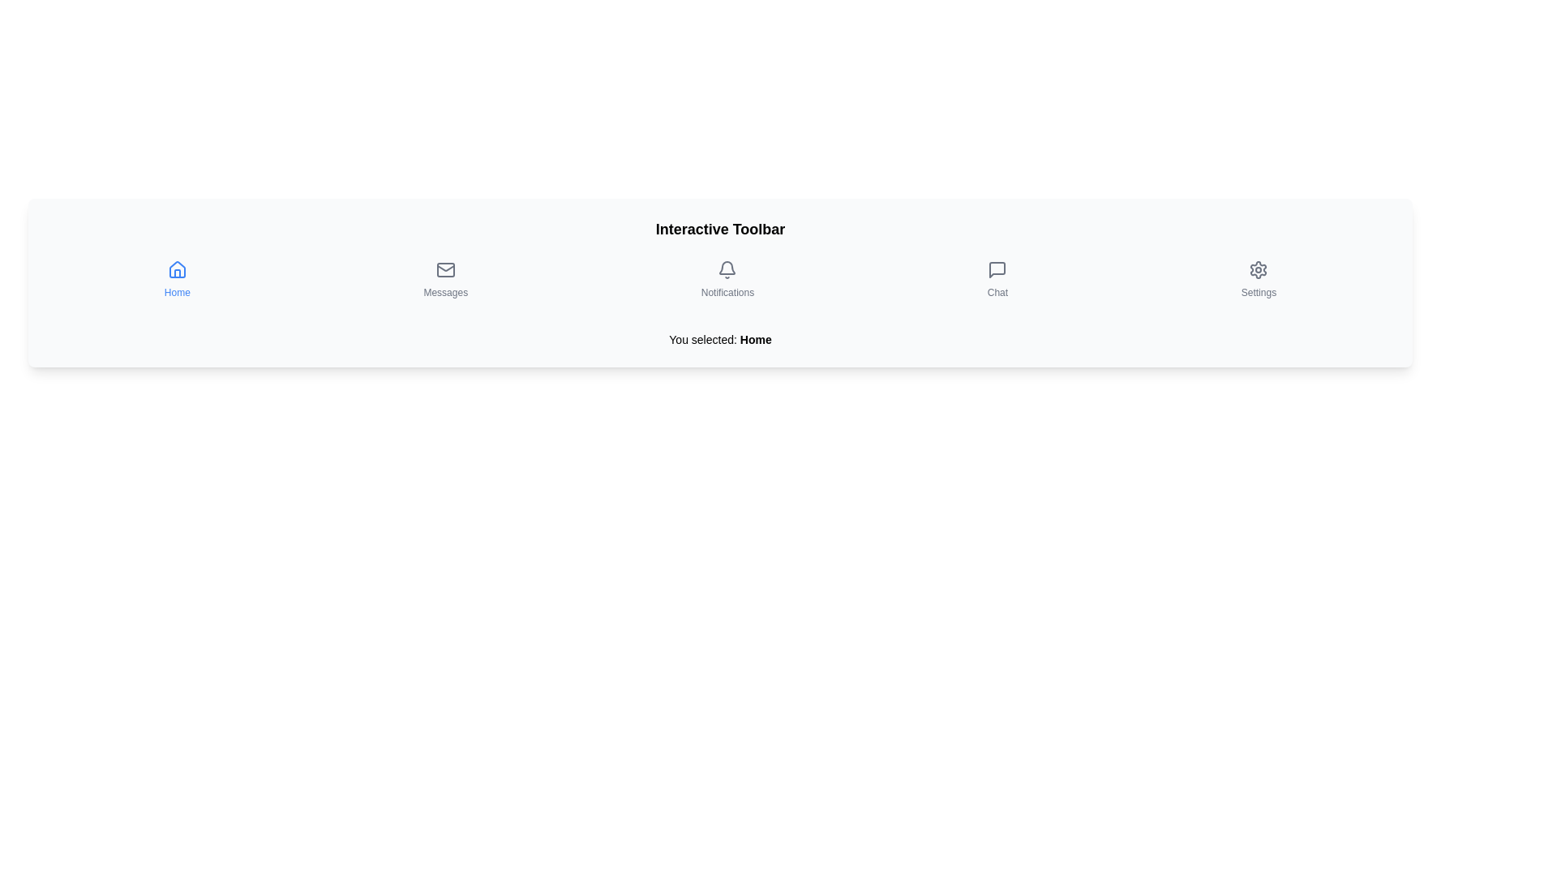  Describe the element at coordinates (1257, 278) in the screenshot. I see `the 'Settings' button, which features a gear icon and is the last button in the horizontal toolbar` at that location.